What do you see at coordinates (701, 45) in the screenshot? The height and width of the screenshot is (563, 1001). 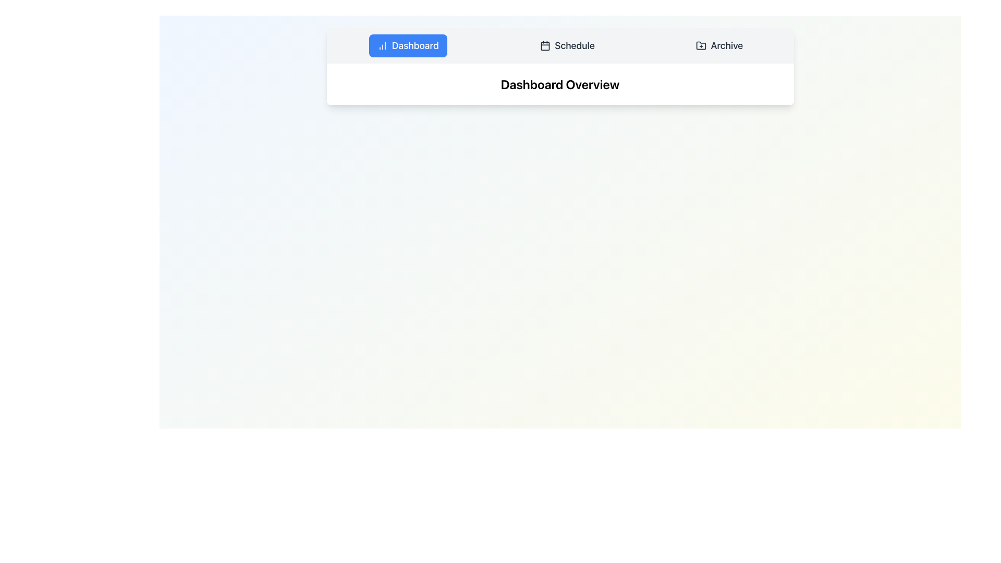 I see `the folder icon with a plus sign inside it, located within the Archive button group on the rightmost side of the horizontal navigation bar` at bounding box center [701, 45].